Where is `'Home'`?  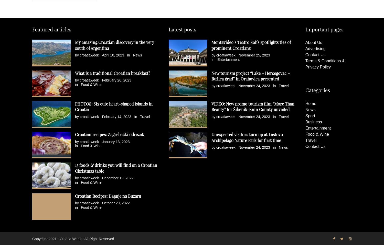
'Home' is located at coordinates (305, 103).